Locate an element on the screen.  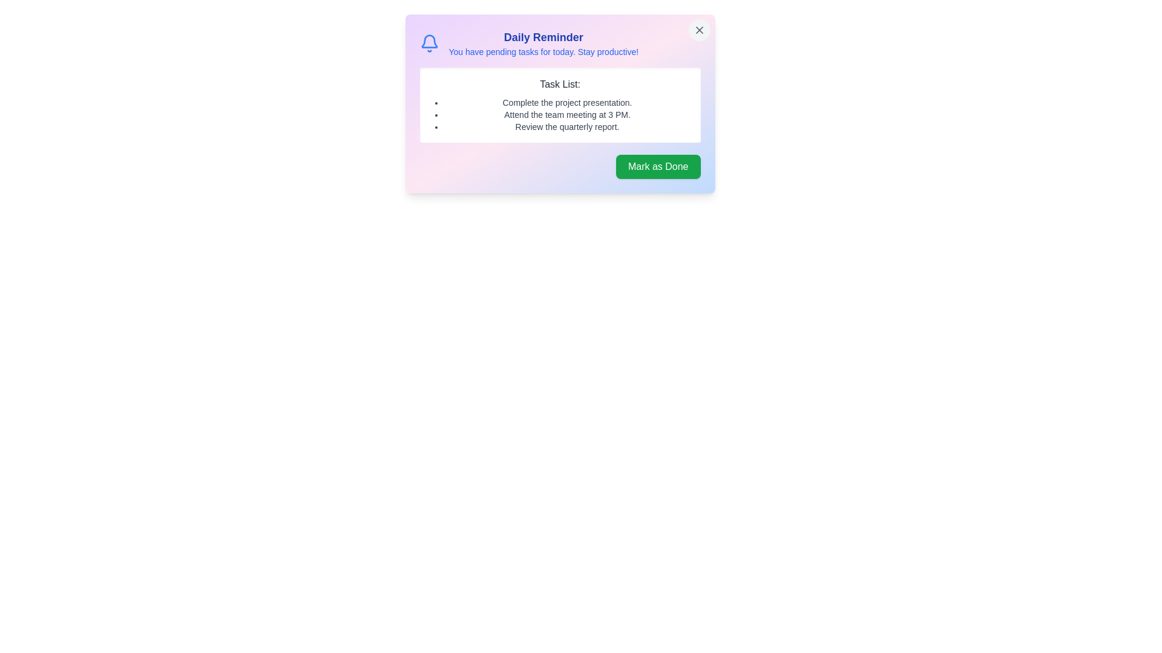
the 'Mark as Done' button to acknowledge the task list as done is located at coordinates (657, 167).